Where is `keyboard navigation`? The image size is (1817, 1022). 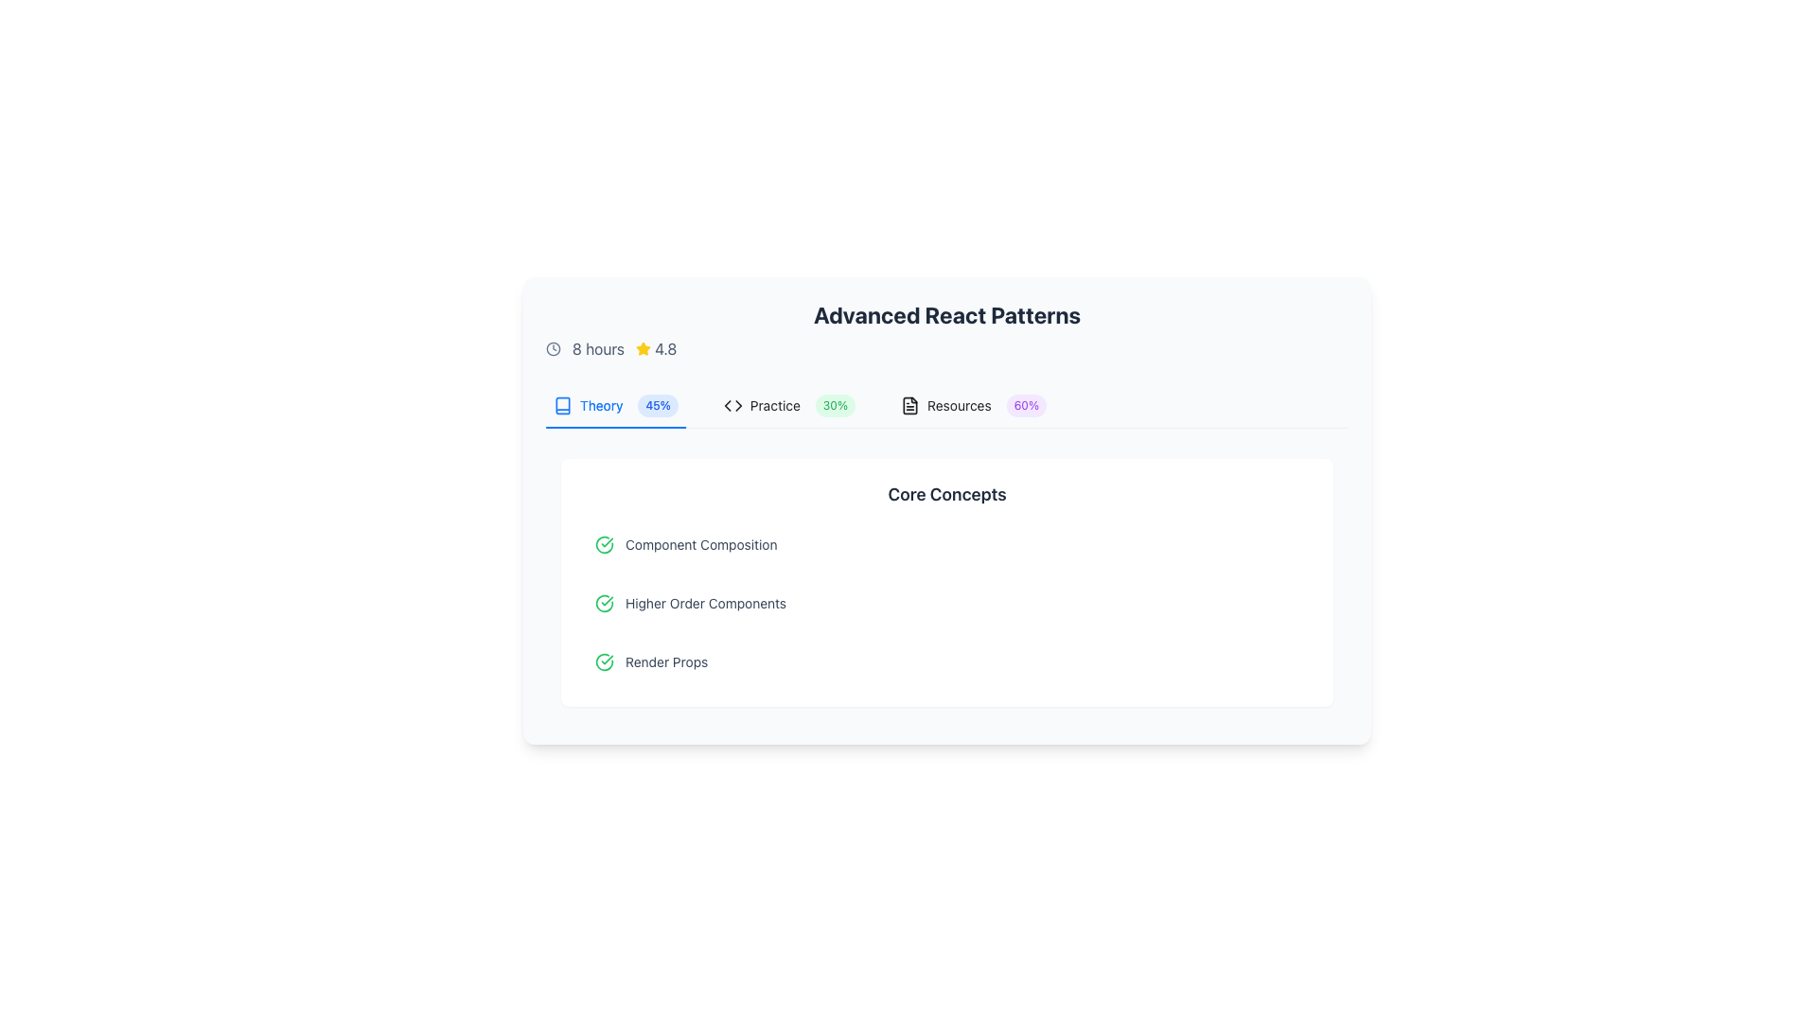 keyboard navigation is located at coordinates (615, 404).